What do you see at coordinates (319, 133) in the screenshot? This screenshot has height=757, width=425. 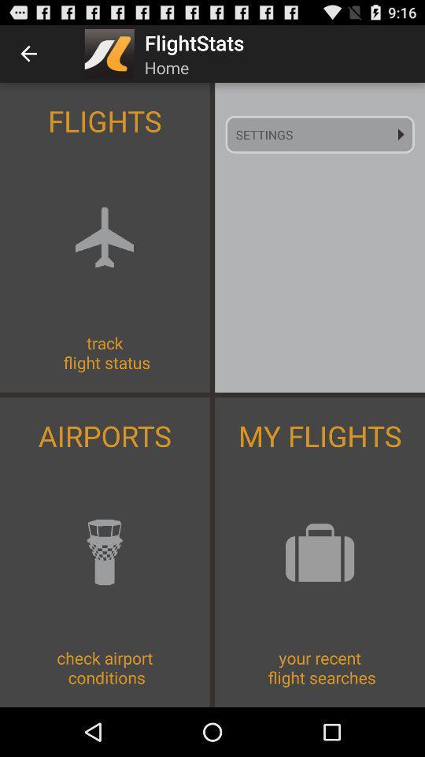 I see `the icon at the top right corner` at bounding box center [319, 133].